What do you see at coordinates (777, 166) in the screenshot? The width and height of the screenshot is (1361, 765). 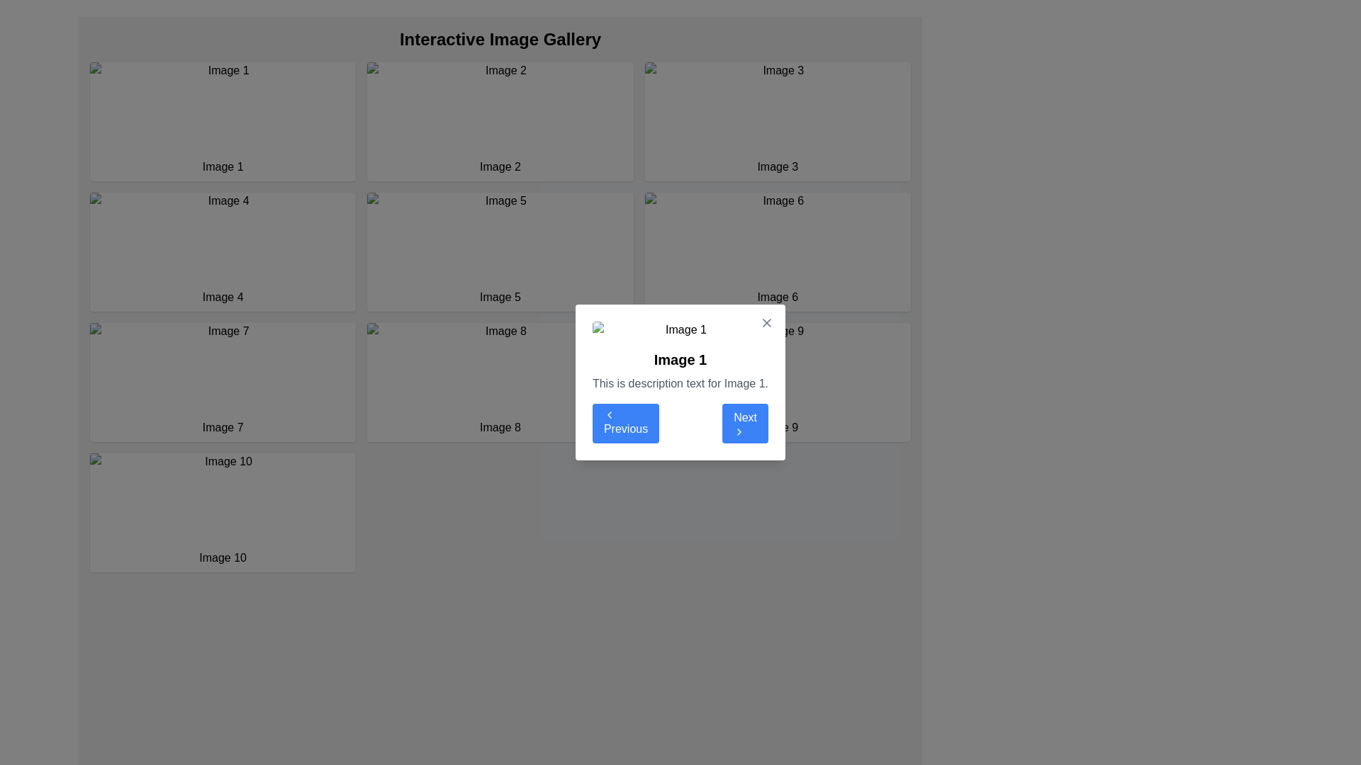 I see `text label that displays 'Image 3', located in a white box below the thumbnail image` at bounding box center [777, 166].